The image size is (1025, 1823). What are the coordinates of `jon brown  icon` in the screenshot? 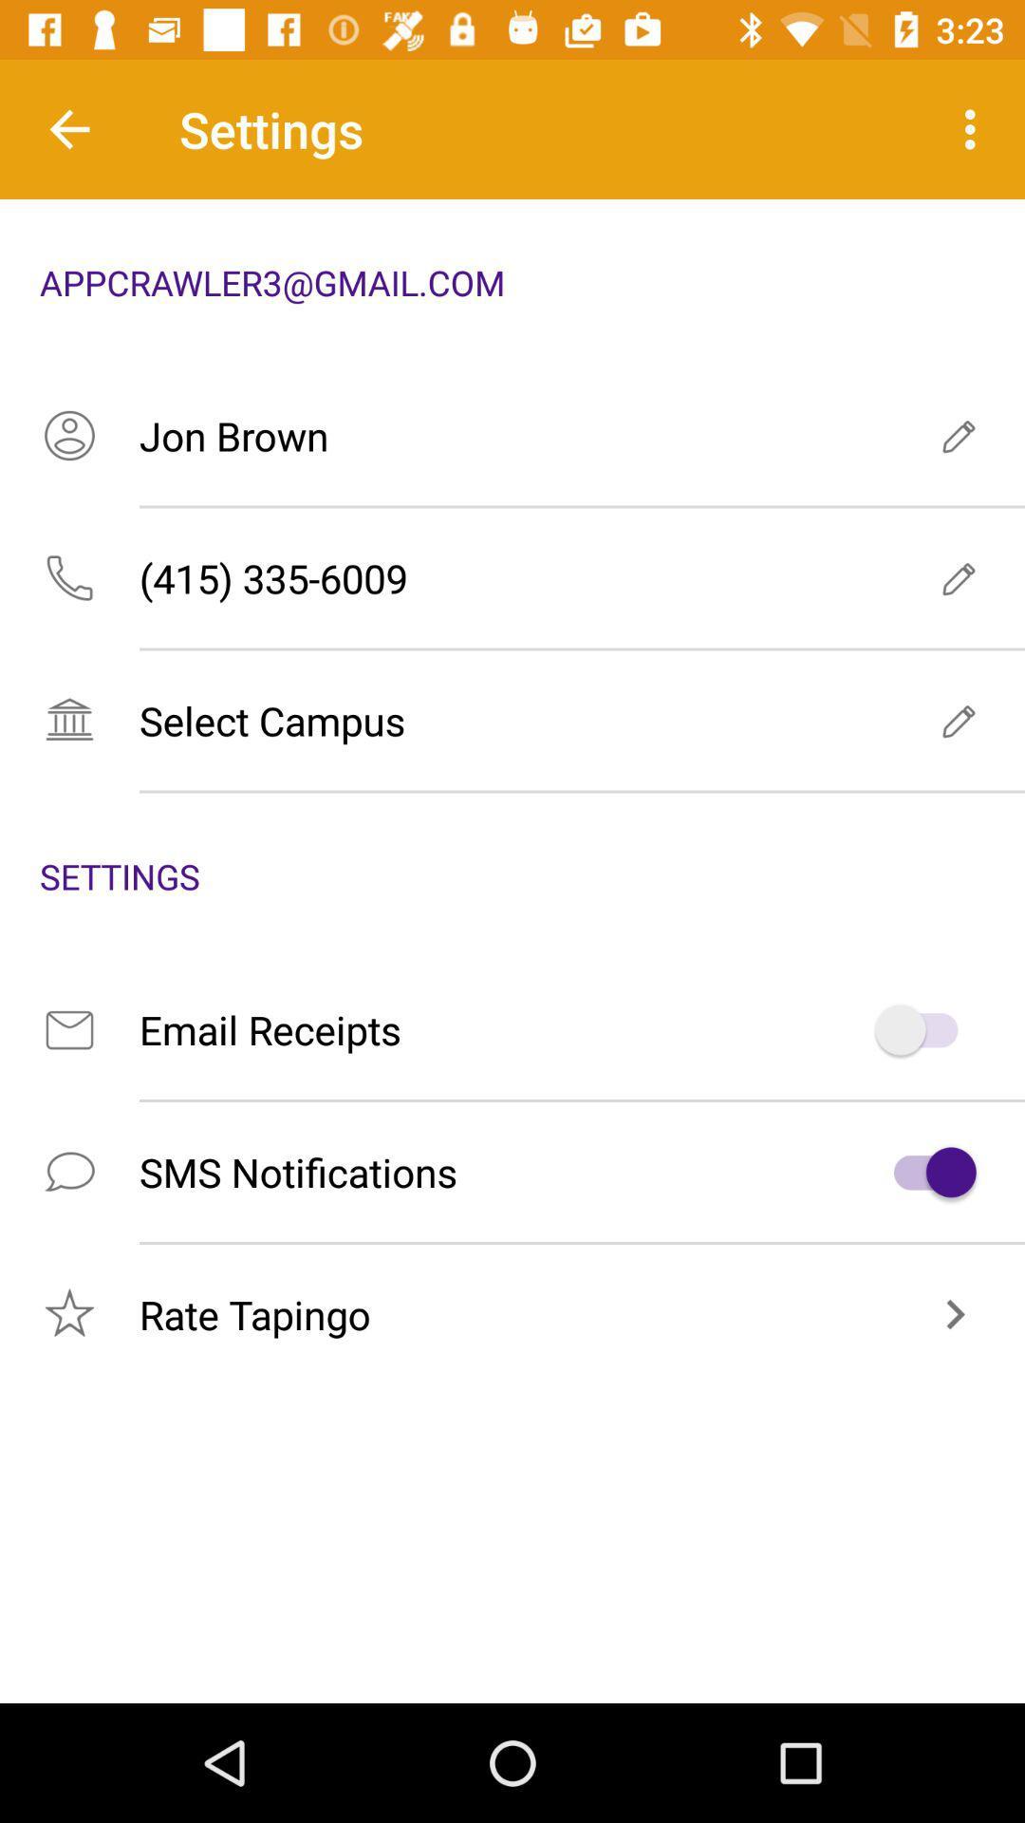 It's located at (512, 435).